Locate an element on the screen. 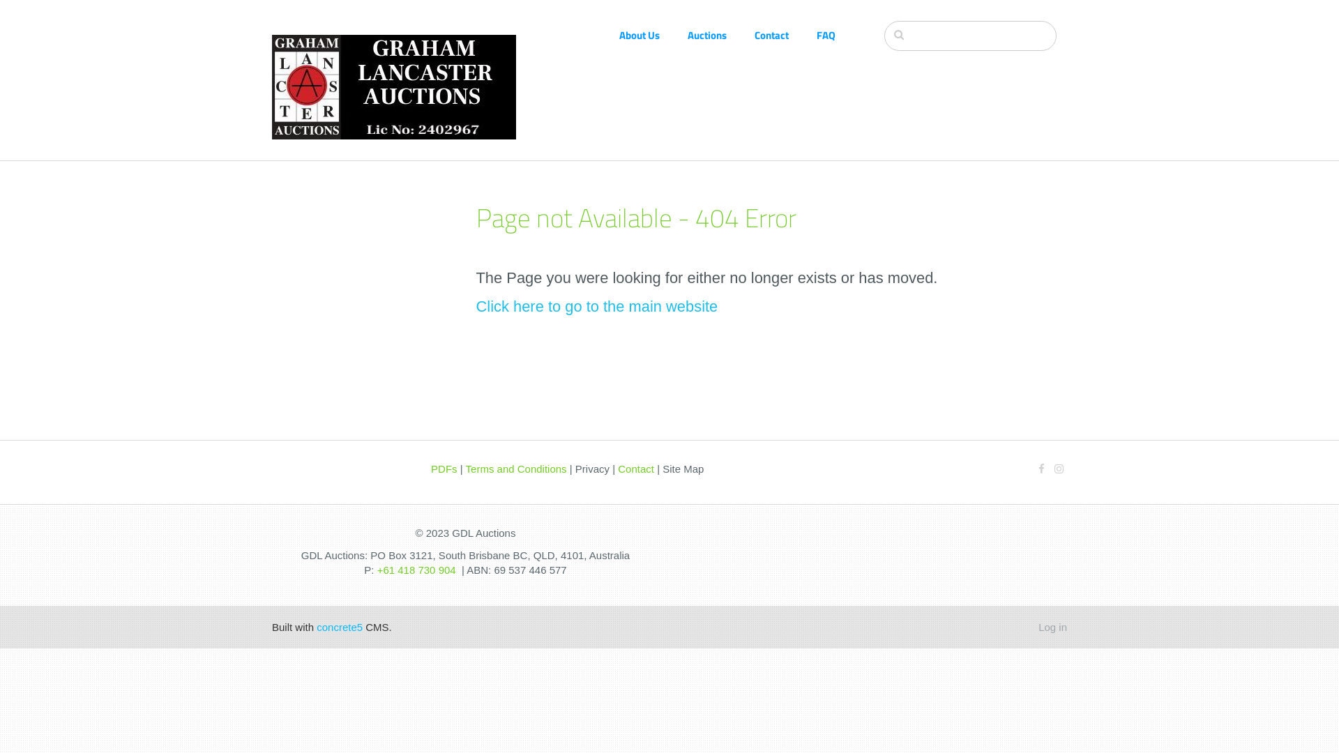 The image size is (1339, 753). 'Click here to go to the main website' is located at coordinates (596, 305).